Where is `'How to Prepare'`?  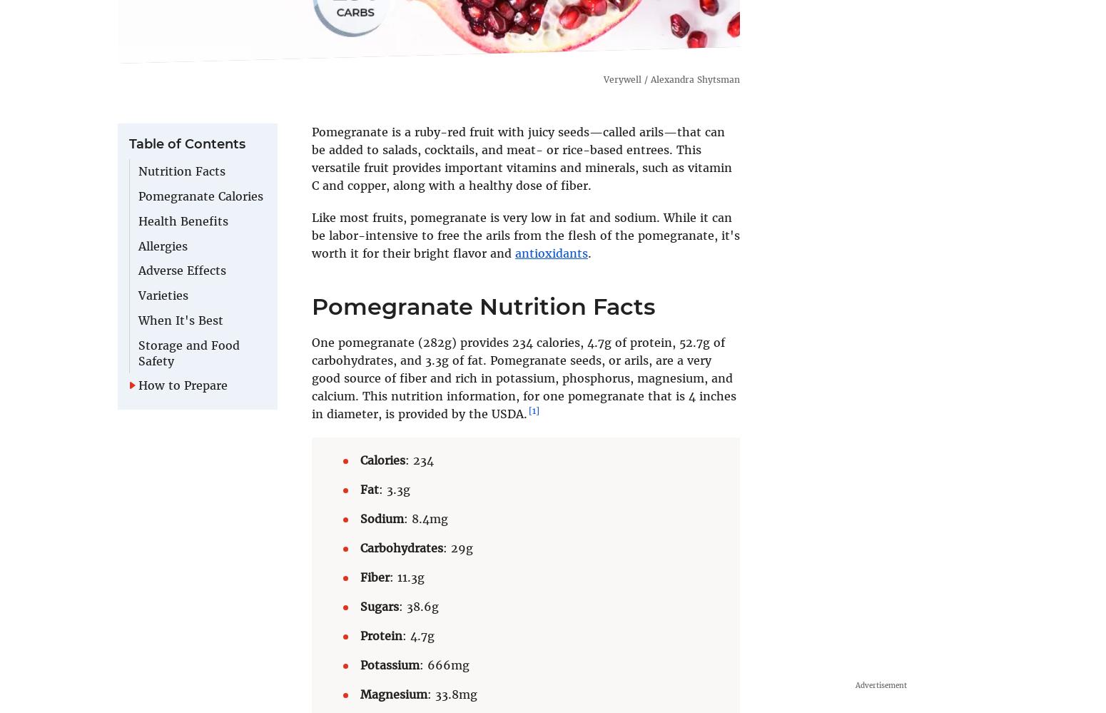 'How to Prepare' is located at coordinates (183, 384).